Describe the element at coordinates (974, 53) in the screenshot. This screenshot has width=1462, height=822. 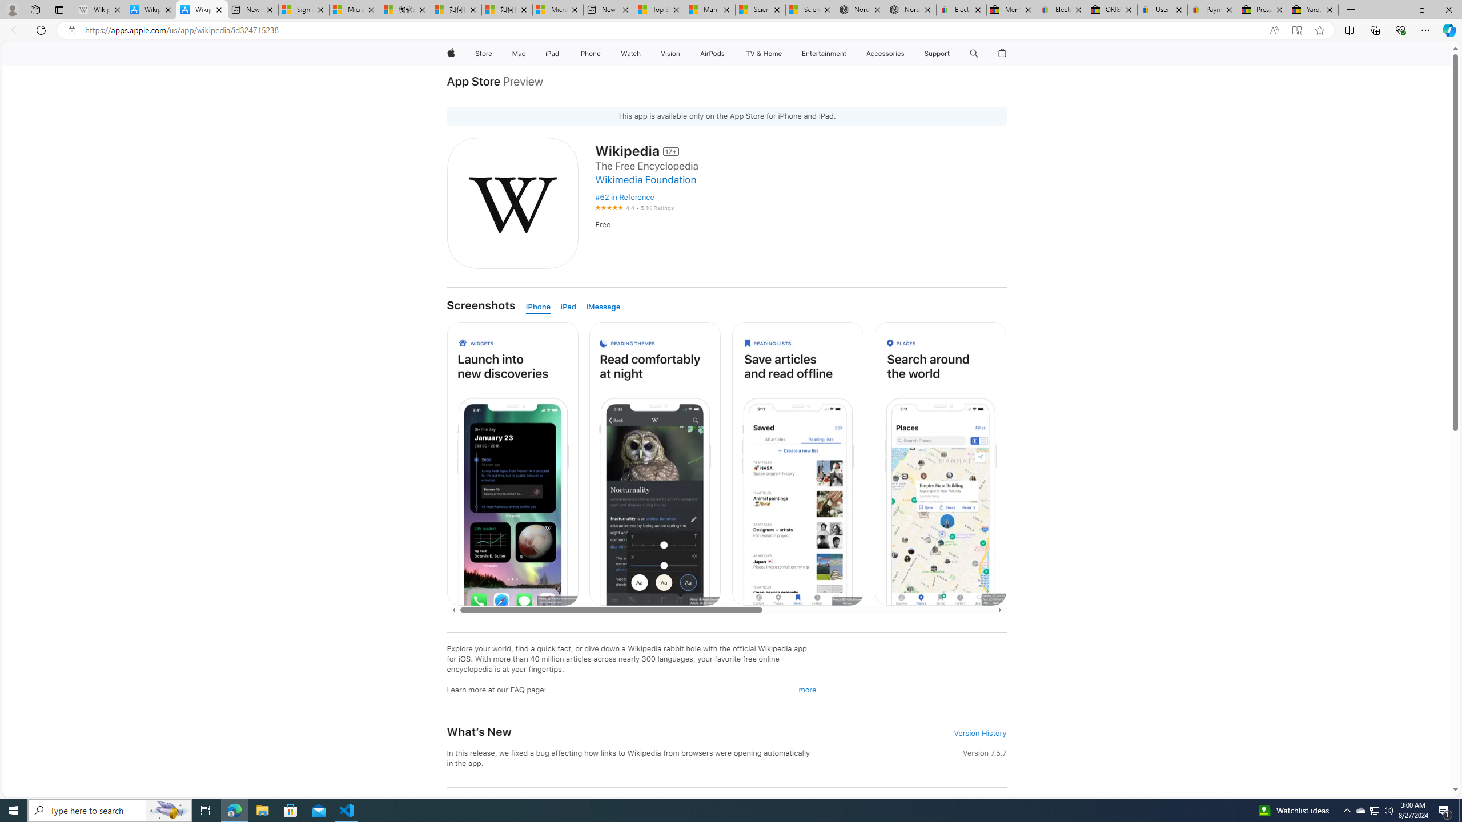
I see `'Class: globalnav-item globalnav-search shift-0-1'` at that location.